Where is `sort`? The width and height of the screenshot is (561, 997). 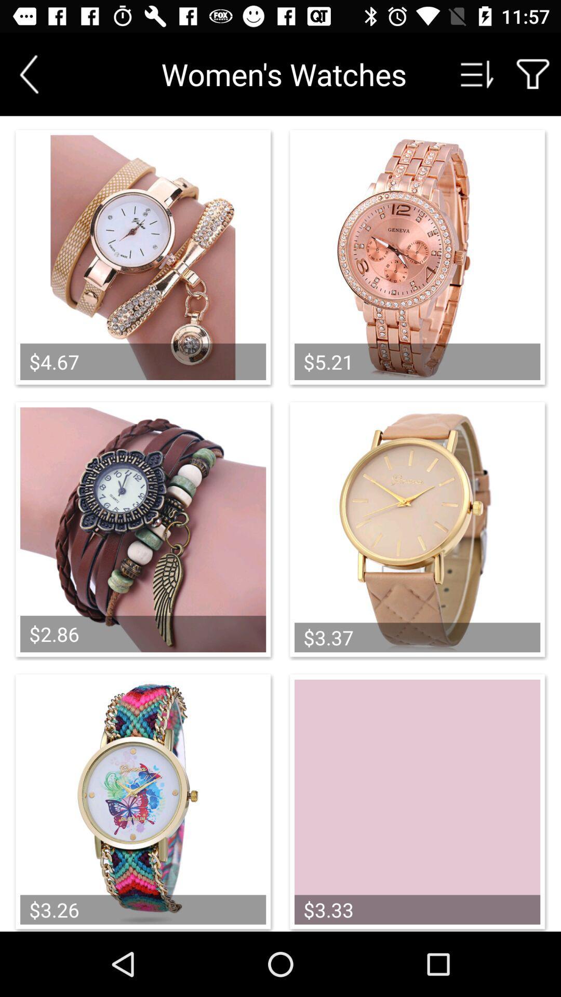 sort is located at coordinates (477, 74).